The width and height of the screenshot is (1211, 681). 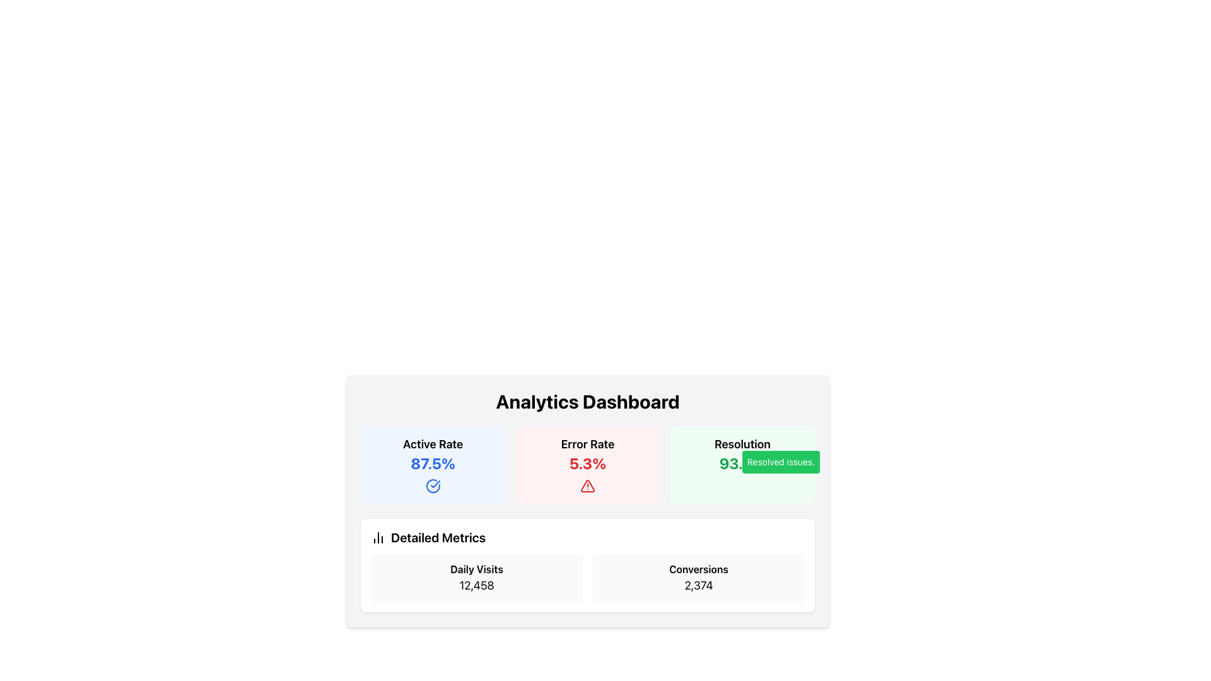 I want to click on the decorative SVG shape representing the outer circular arc of the 'Active Rate' card located in the center-left section of the dashboard interface, so click(x=433, y=486).